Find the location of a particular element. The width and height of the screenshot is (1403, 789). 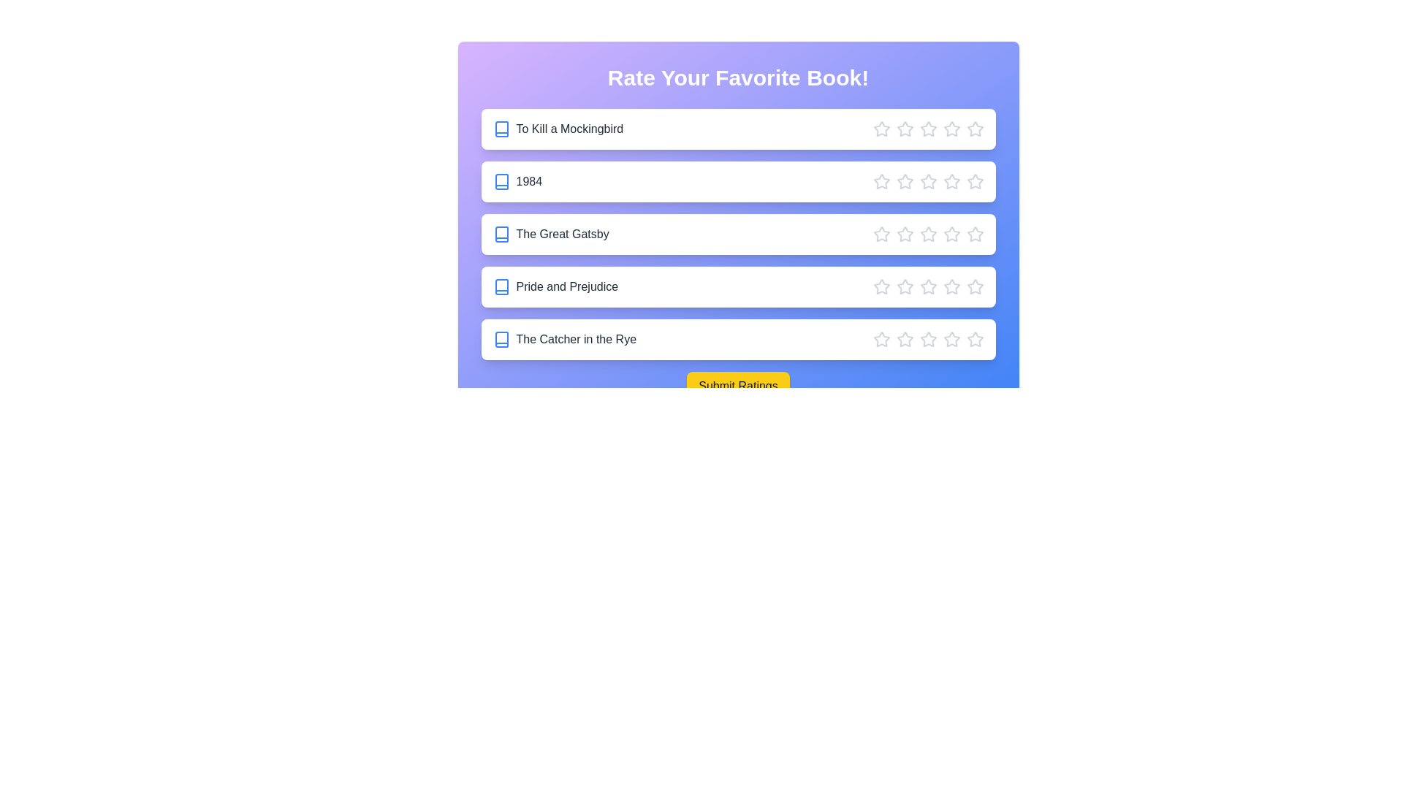

the star corresponding to 1 stars for the book To Kill a Mockingbird is located at coordinates (881, 129).